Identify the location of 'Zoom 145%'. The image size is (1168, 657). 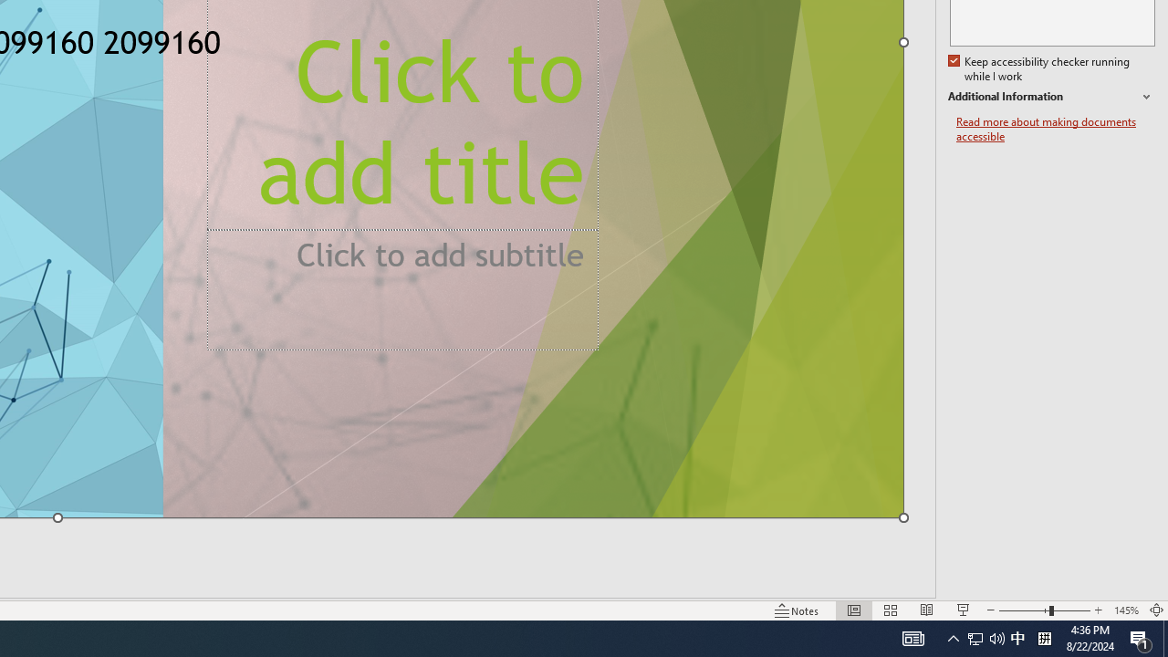
(1125, 610).